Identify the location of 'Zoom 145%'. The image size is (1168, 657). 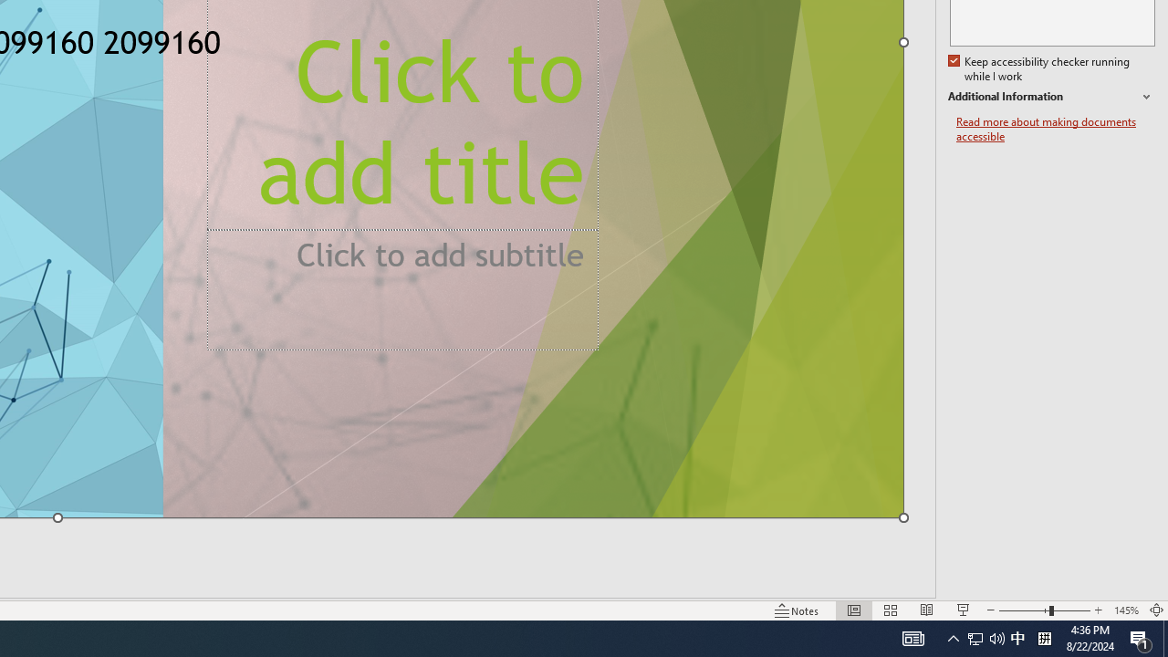
(1125, 610).